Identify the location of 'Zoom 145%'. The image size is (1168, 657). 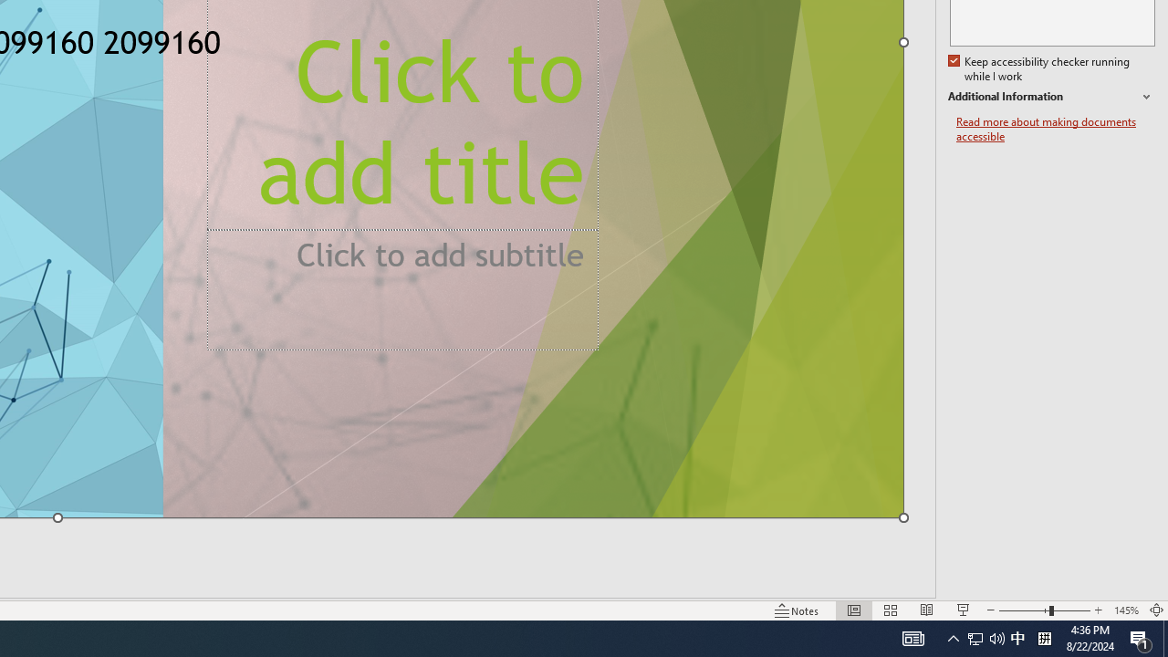
(1125, 610).